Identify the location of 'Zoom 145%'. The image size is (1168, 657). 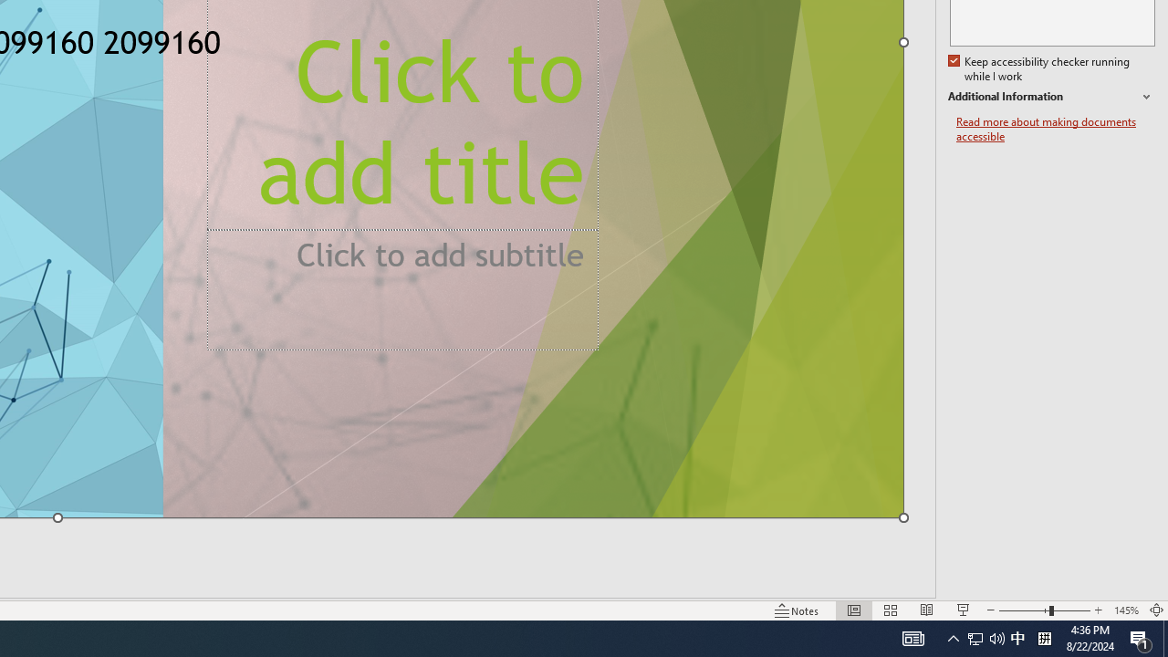
(1125, 610).